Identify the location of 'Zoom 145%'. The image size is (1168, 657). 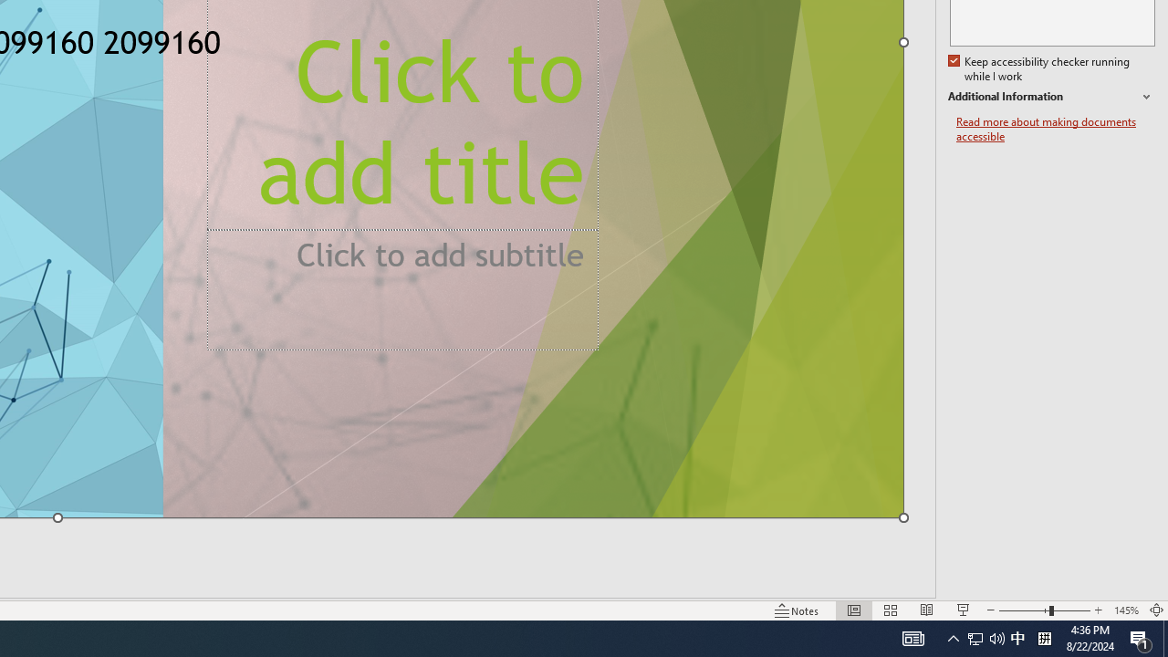
(1125, 610).